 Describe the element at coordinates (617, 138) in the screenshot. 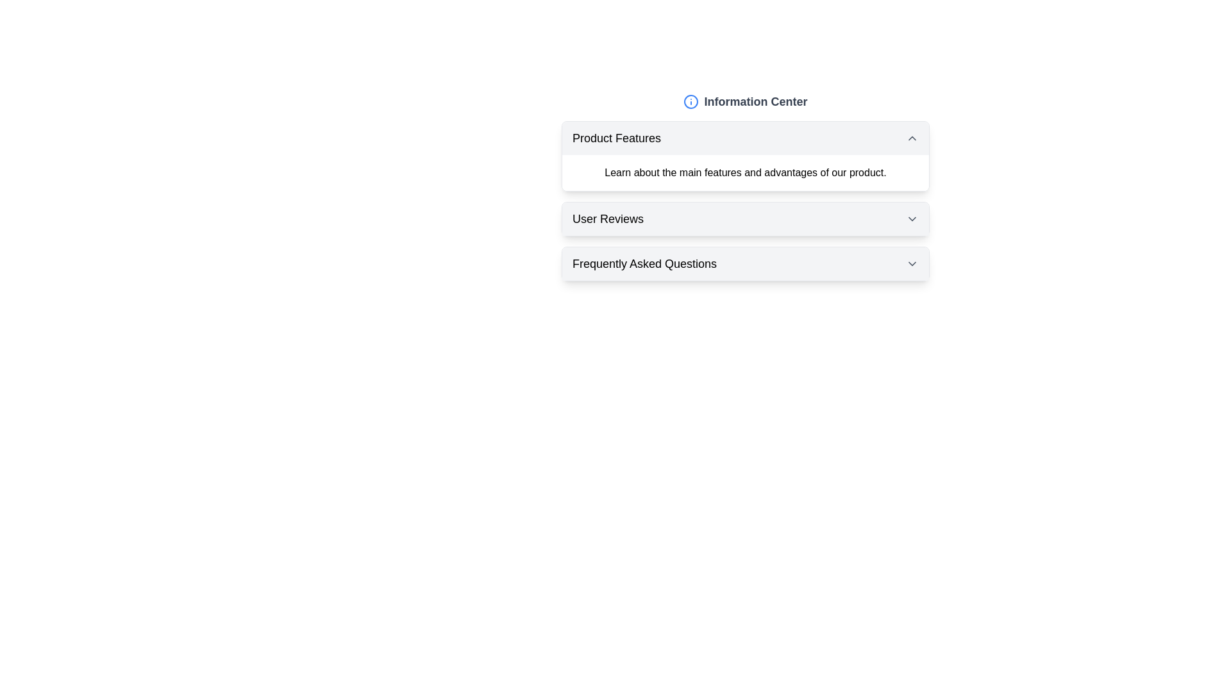

I see `text label displaying 'Product Features' located at the top of an expandable section, aligned to the left with an icon to its right` at that location.